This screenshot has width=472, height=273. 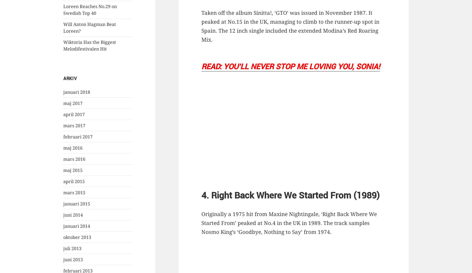 I want to click on 'oktober 2013', so click(x=63, y=237).